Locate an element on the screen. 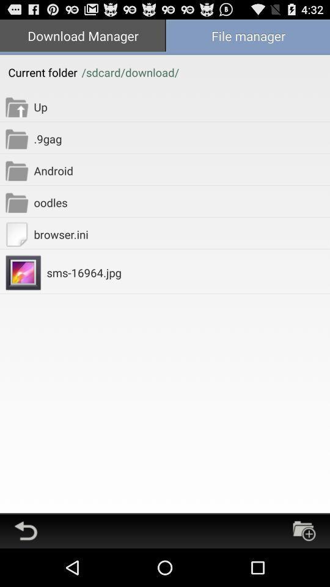 The height and width of the screenshot is (587, 330). oodles is located at coordinates (181, 202).